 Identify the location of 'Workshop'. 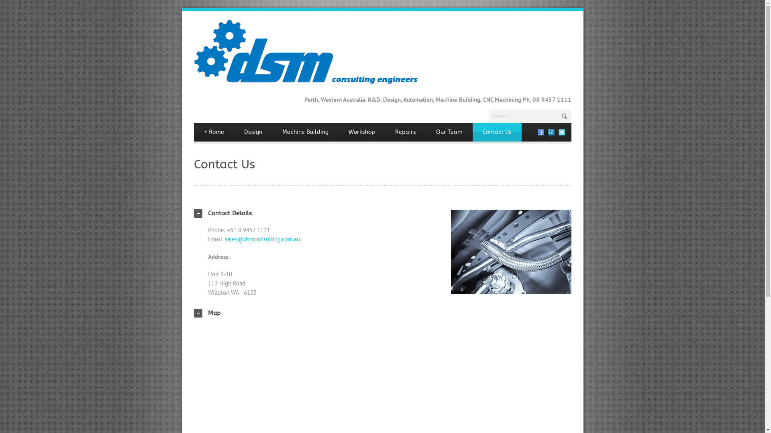
(361, 131).